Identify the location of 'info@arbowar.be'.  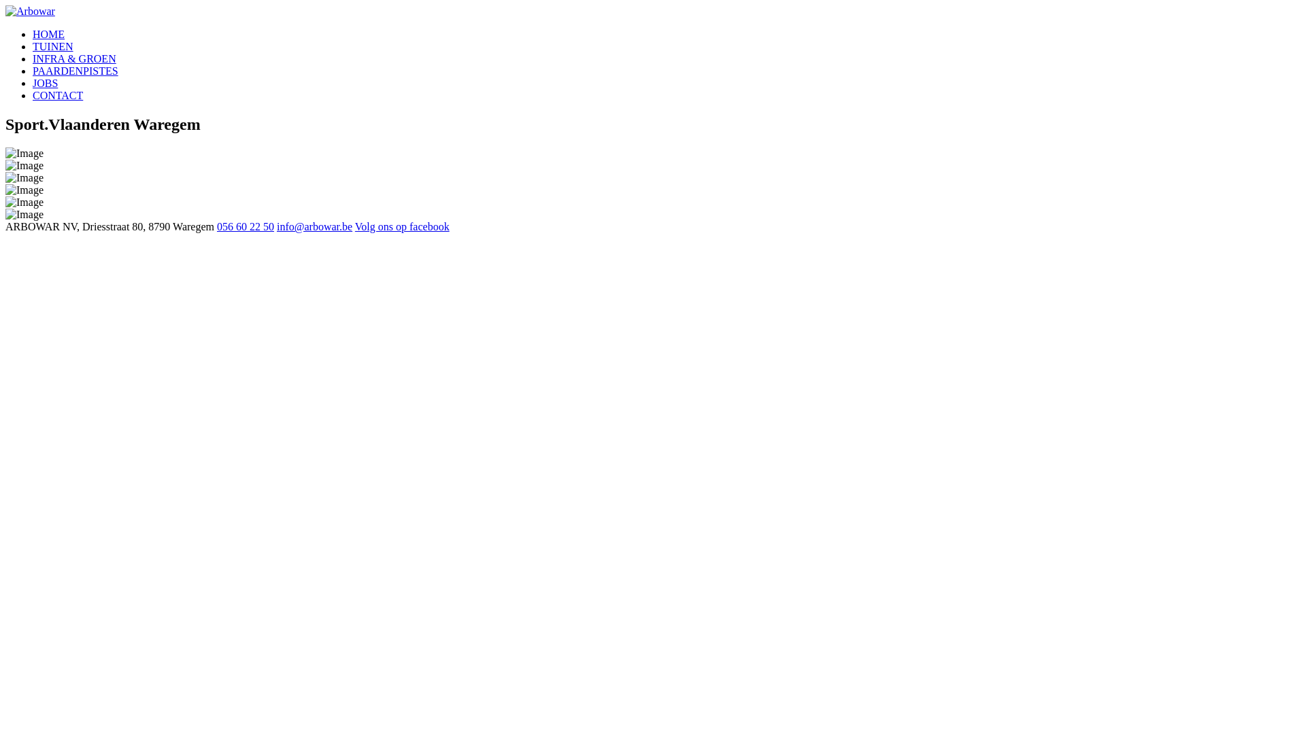
(314, 226).